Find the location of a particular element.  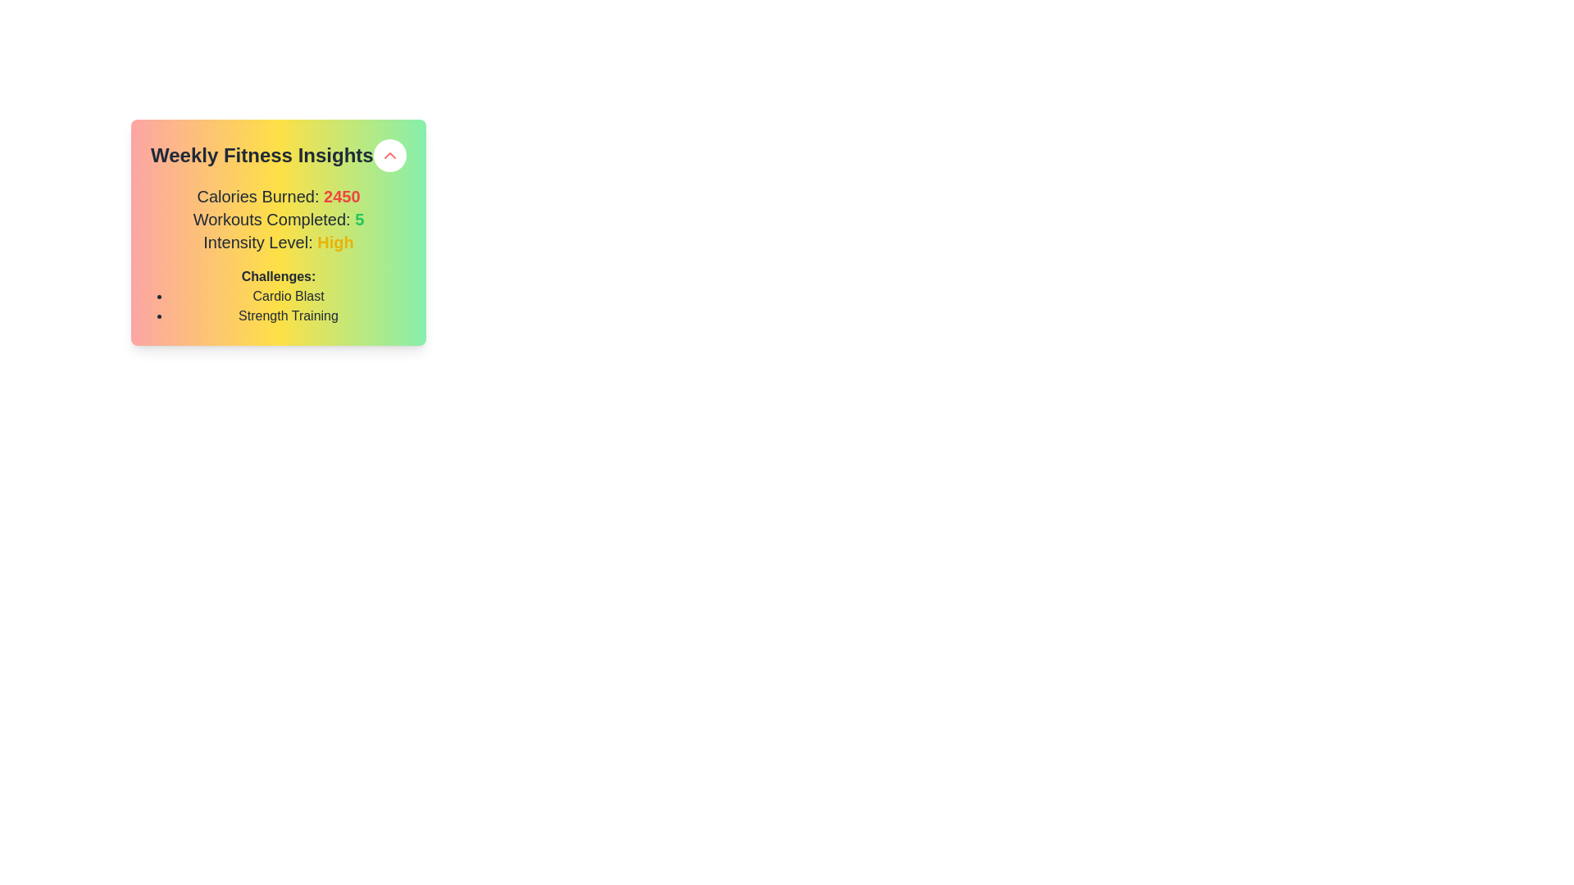

the 'Strength Training' text label, which is the second item in the bulleted list under the 'Challenges' header, styled in bold black font within a gradient background box is located at coordinates (288, 315).